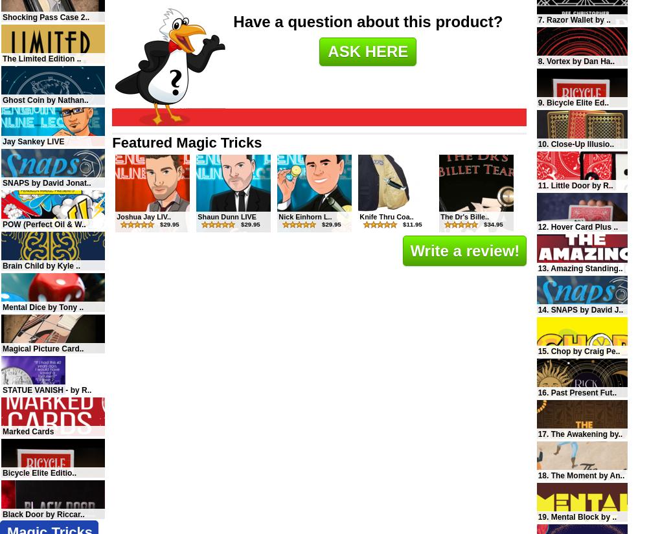 The height and width of the screenshot is (534, 649). Describe the element at coordinates (464, 215) in the screenshot. I see `'The Dr's Bille..'` at that location.